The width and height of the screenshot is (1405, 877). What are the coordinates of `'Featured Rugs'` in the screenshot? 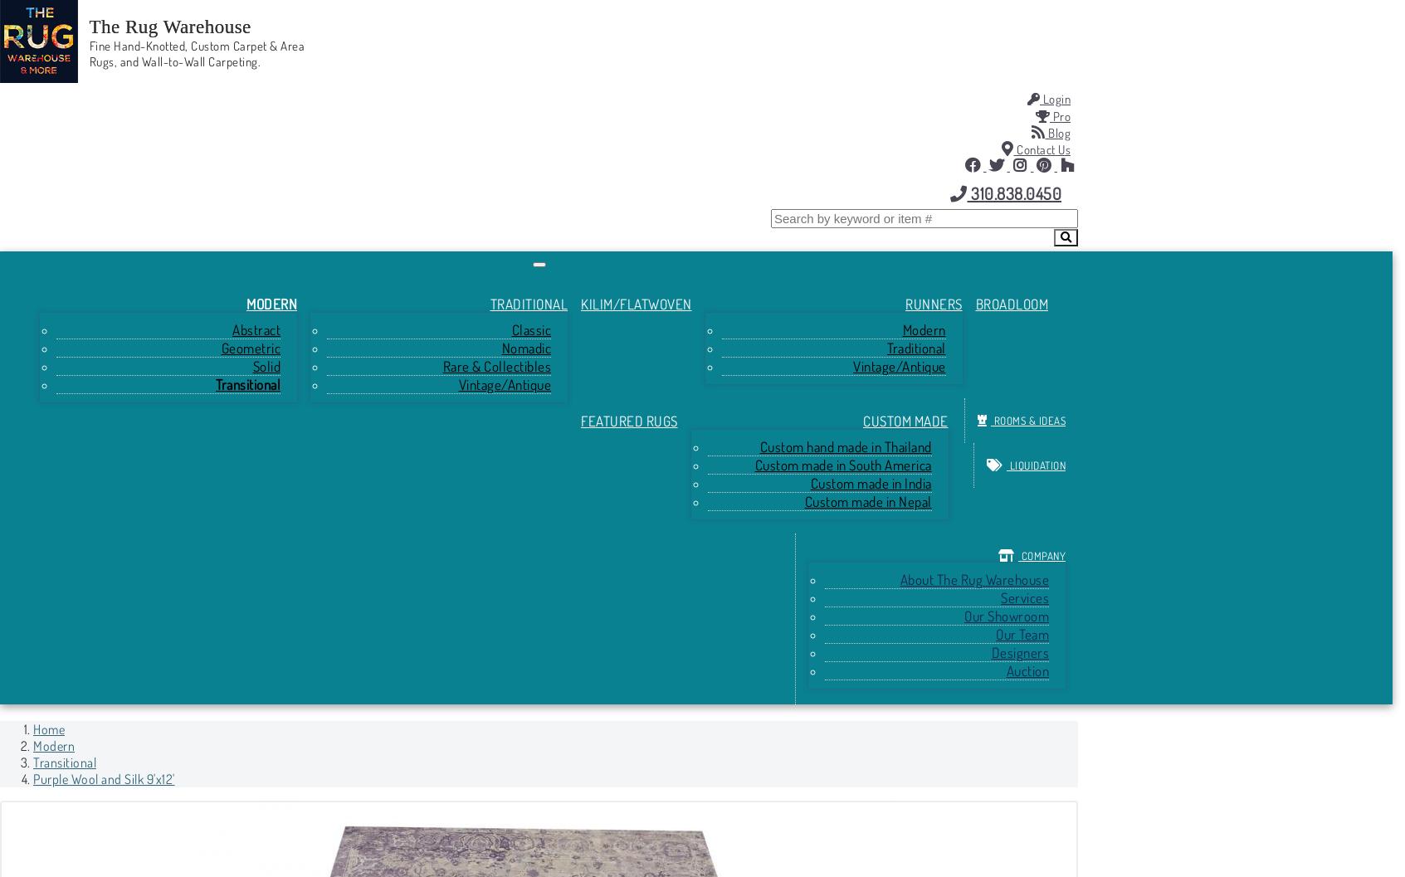 It's located at (628, 421).